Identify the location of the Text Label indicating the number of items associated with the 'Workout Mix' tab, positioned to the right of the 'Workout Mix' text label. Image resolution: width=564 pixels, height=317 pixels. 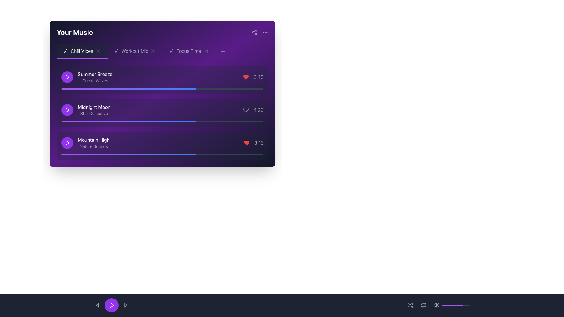
(153, 50).